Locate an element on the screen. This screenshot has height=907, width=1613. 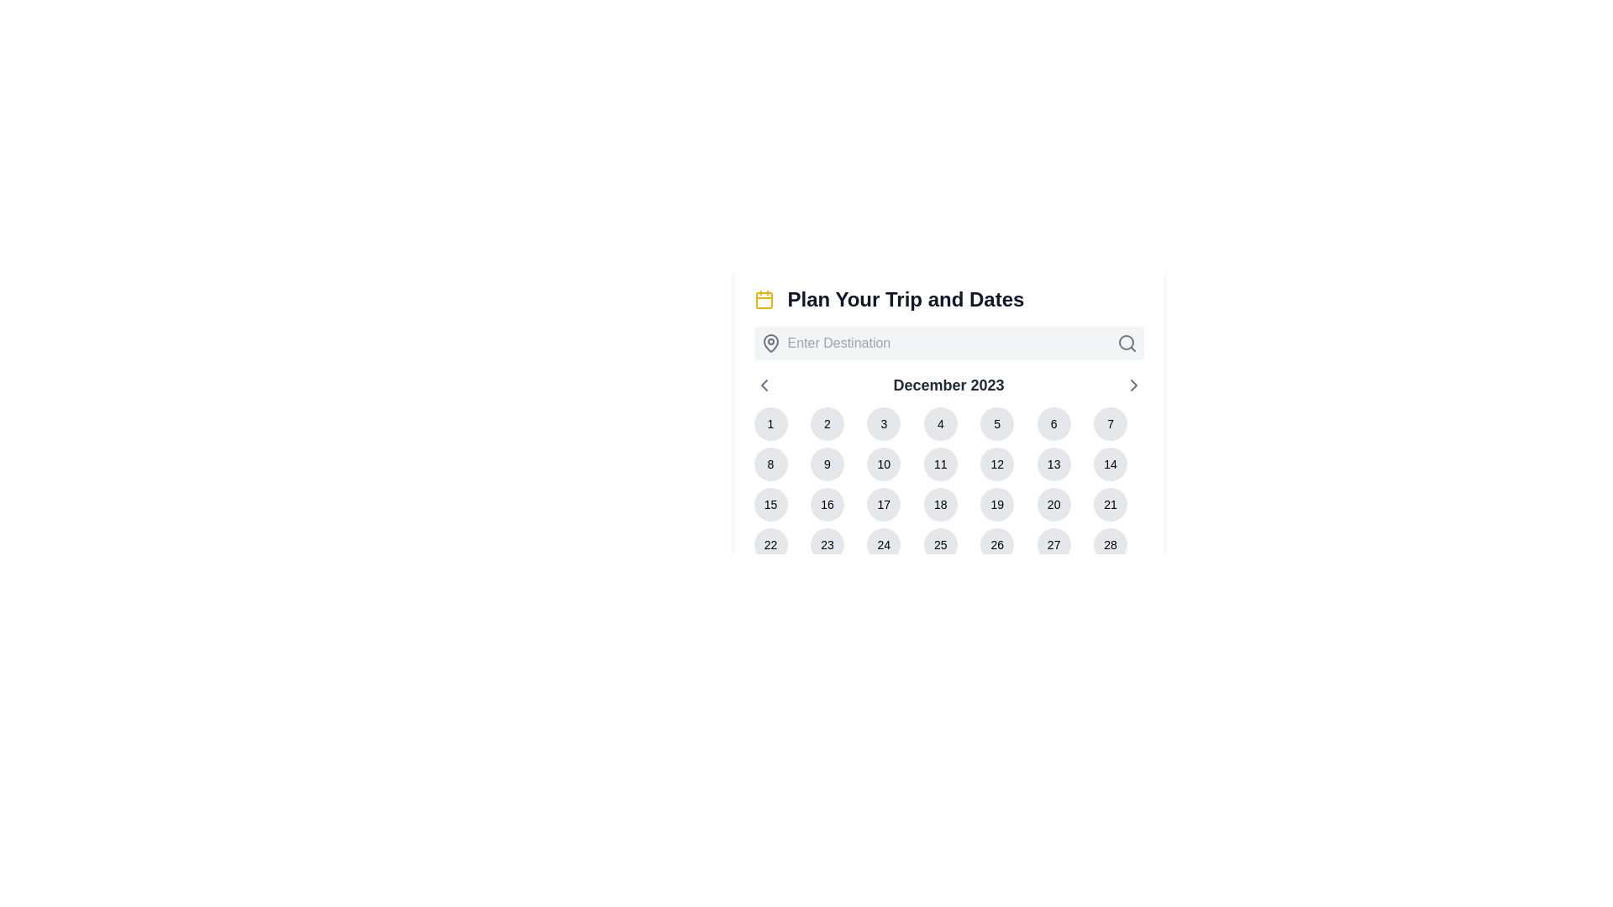
the circular button displaying the number '11' in the calendar grid under 'December 2023', located in the second row, fourth column of visible days is located at coordinates (939, 464).